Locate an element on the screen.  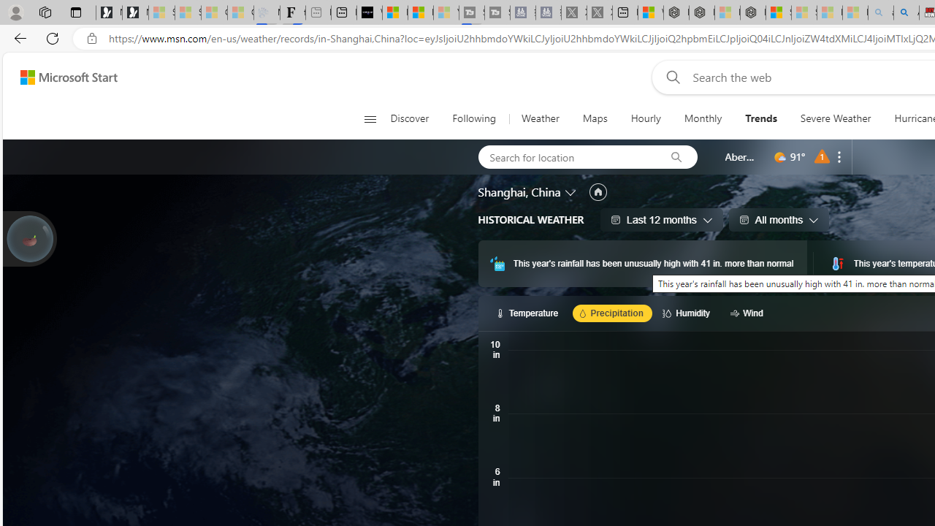
'Search for location' is located at coordinates (566, 156).